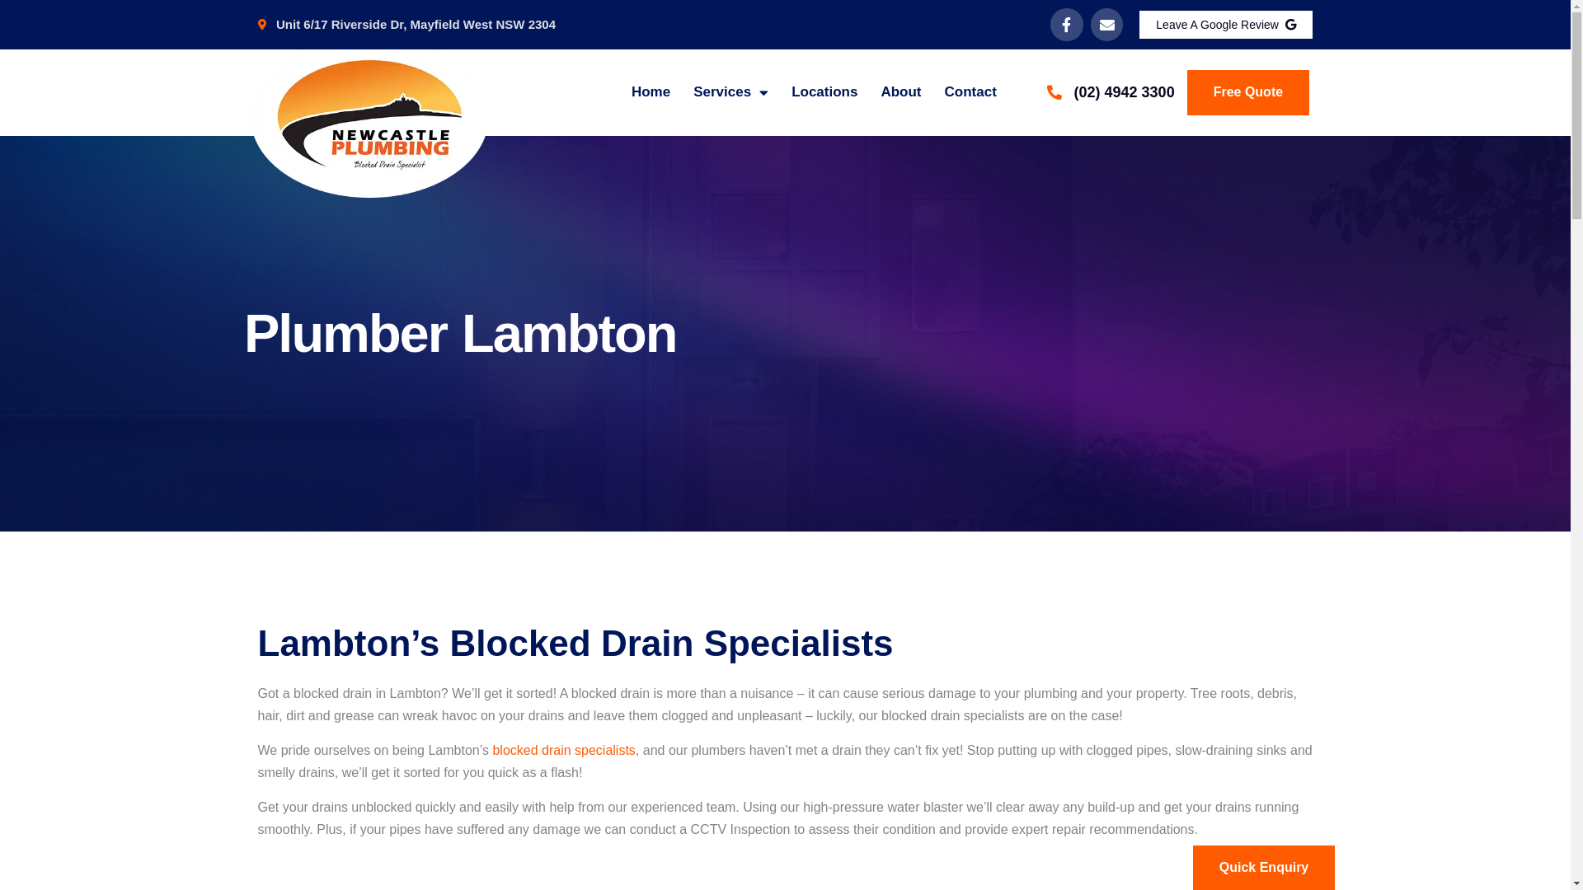 The height and width of the screenshot is (890, 1583). What do you see at coordinates (1247, 91) in the screenshot?
I see `'Free Quote'` at bounding box center [1247, 91].